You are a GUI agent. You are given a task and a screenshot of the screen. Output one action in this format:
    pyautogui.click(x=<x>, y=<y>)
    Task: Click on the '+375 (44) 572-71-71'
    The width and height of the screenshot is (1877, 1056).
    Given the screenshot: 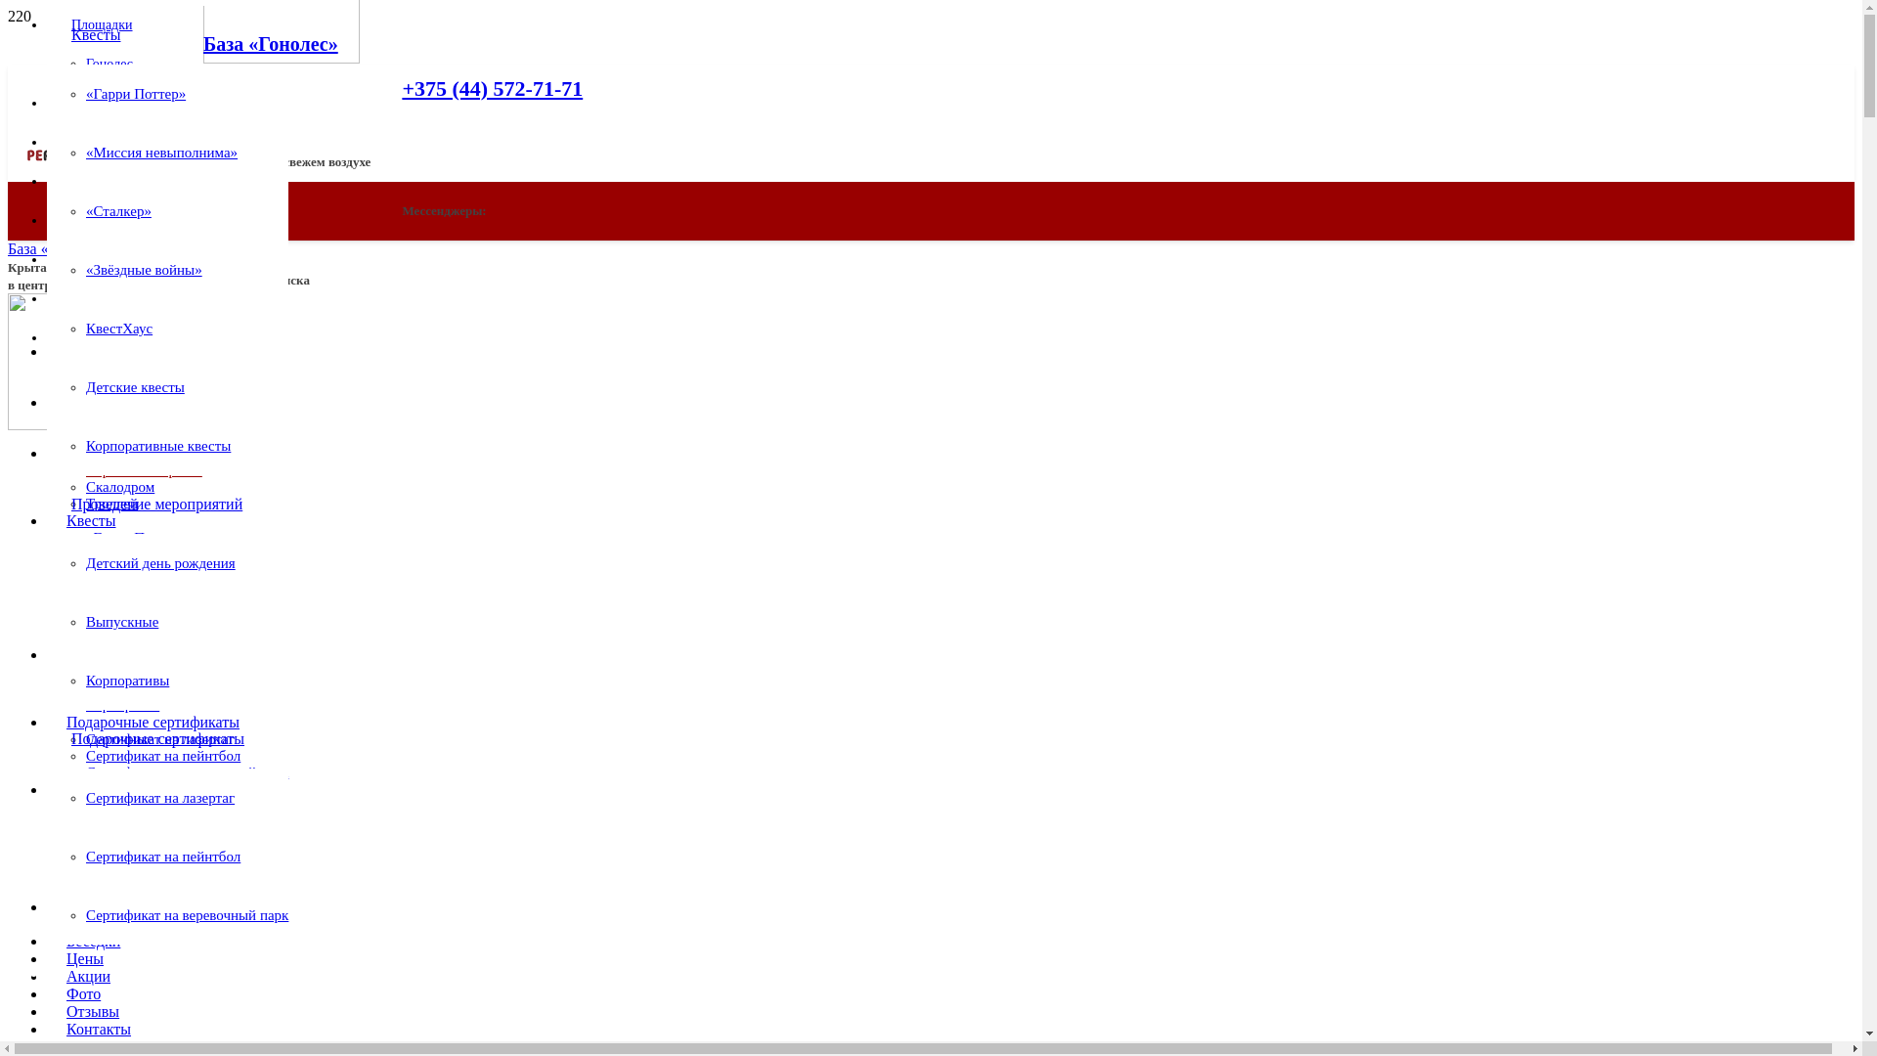 What is the action you would take?
    pyautogui.click(x=492, y=88)
    